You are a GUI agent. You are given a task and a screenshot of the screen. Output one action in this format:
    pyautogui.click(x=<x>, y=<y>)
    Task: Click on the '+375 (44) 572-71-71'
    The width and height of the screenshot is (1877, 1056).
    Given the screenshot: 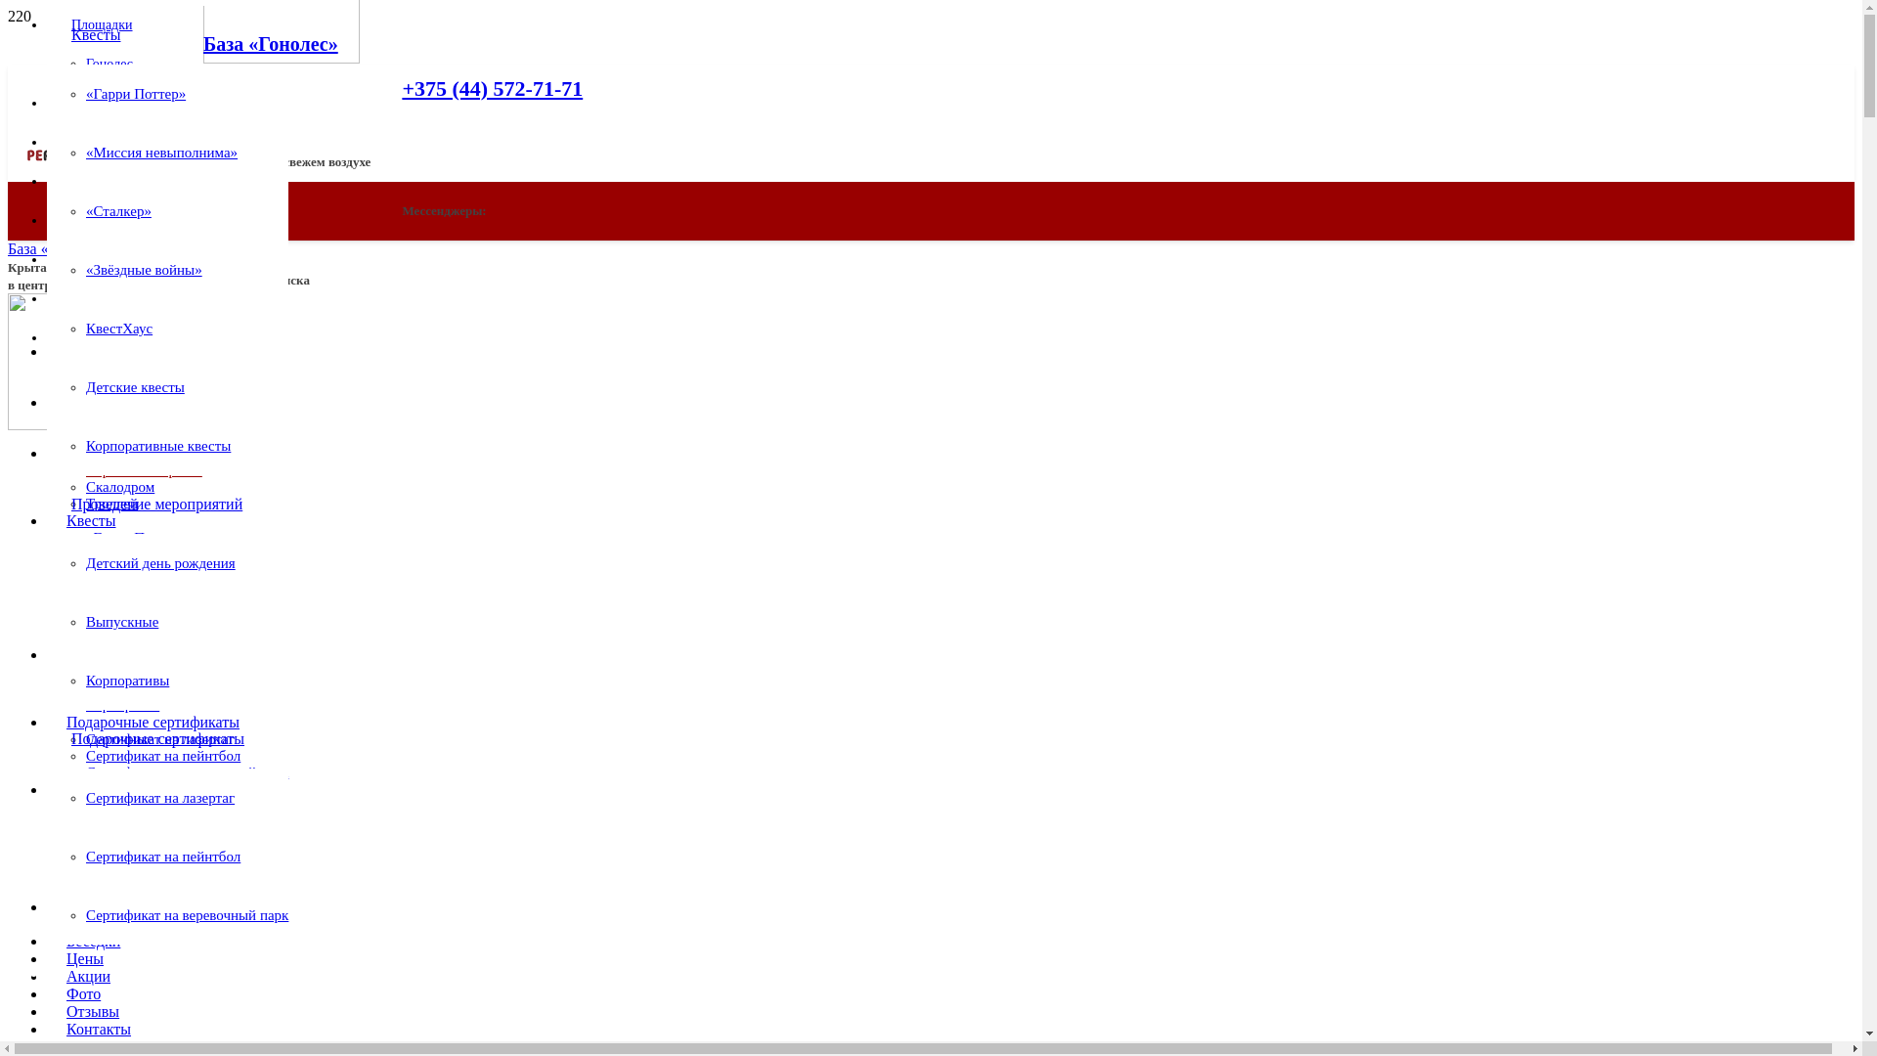 What is the action you would take?
    pyautogui.click(x=492, y=88)
    